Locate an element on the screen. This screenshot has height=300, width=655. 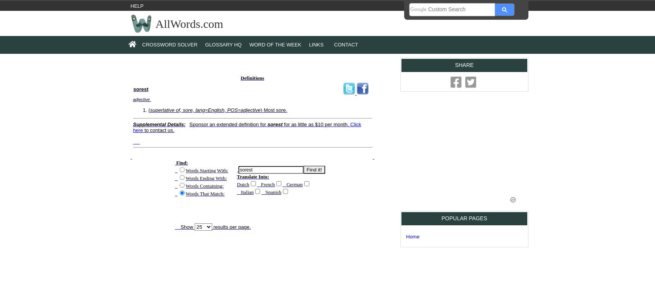
'French' is located at coordinates (267, 183).